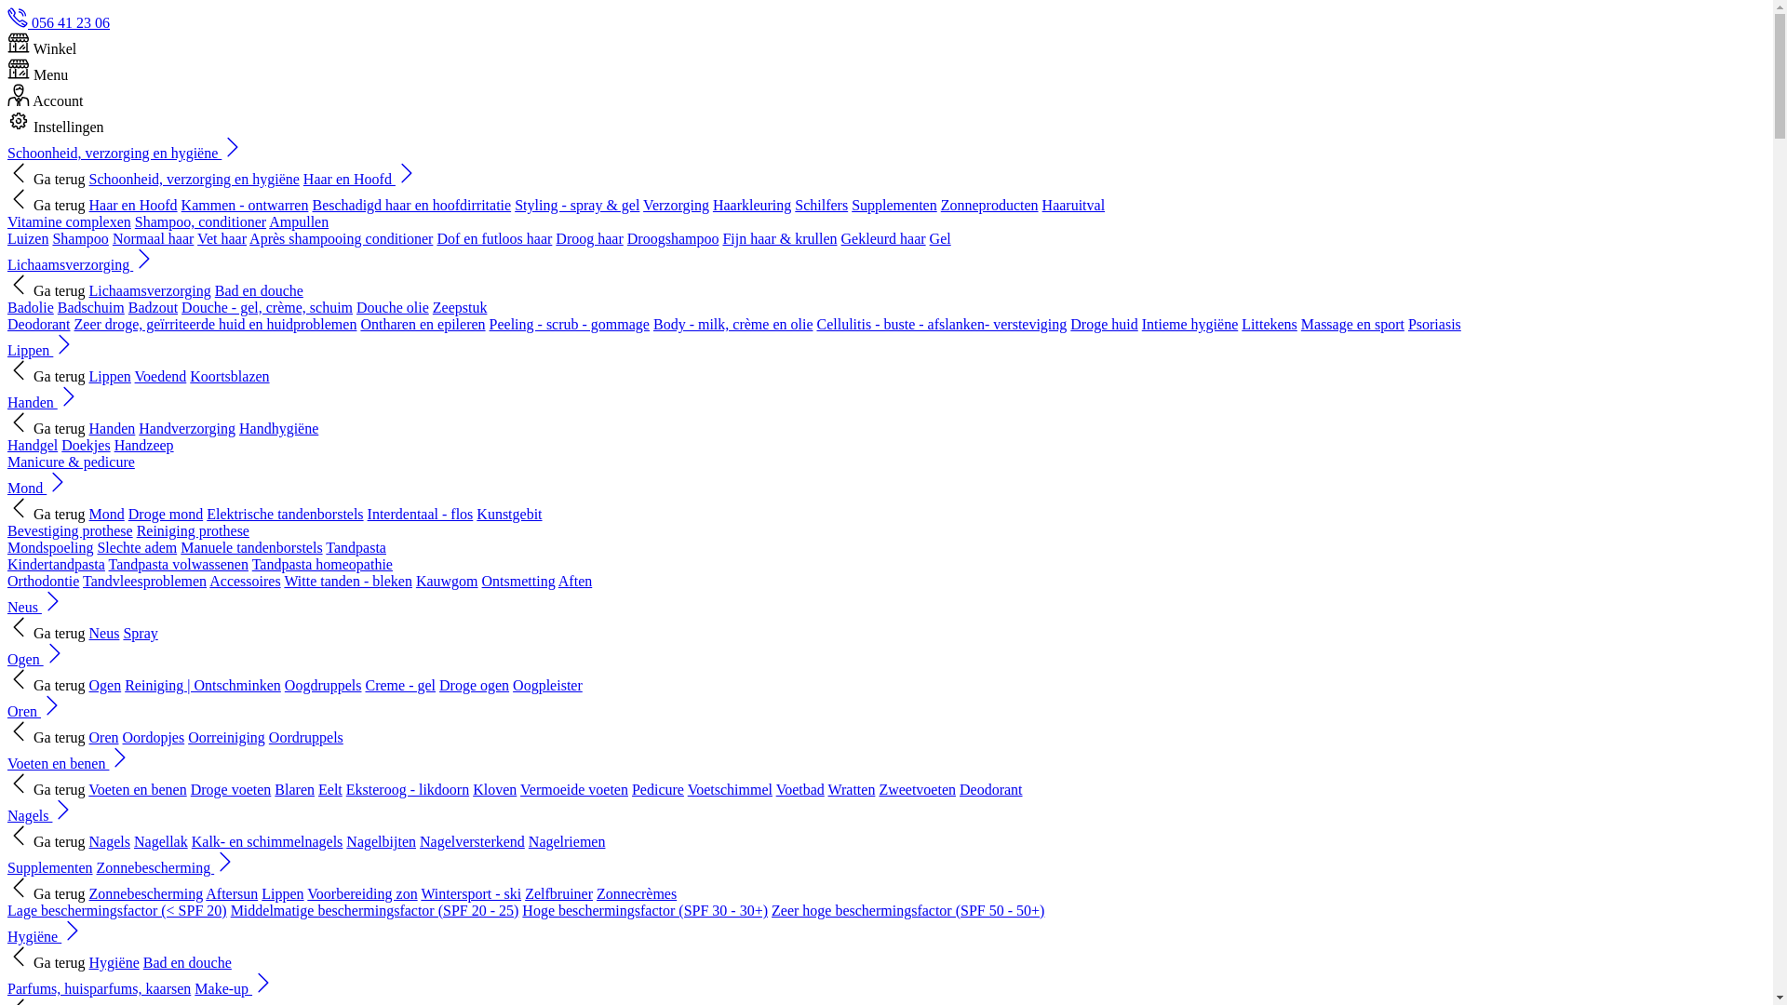 The image size is (1787, 1005). Describe the element at coordinates (244, 205) in the screenshot. I see `'Kammen - ontwarren'` at that location.